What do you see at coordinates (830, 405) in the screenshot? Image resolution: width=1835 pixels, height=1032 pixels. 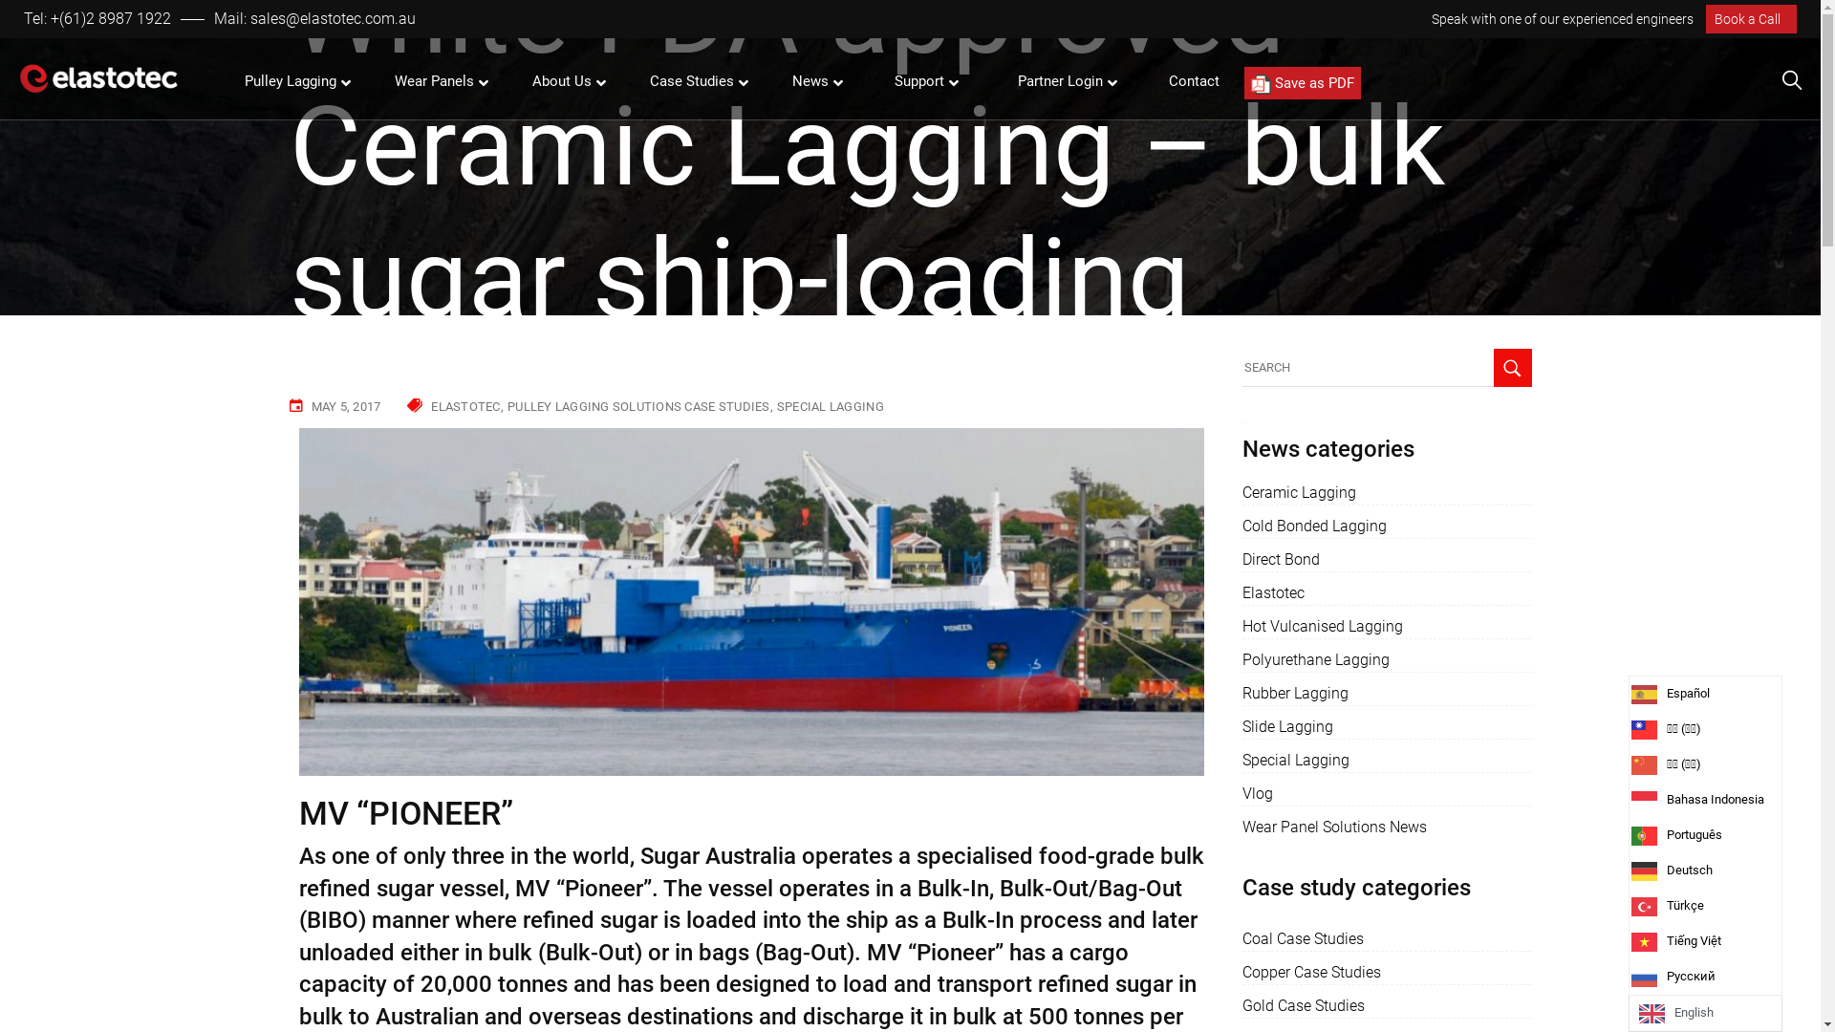 I see `'SPECIAL LAGGING'` at bounding box center [830, 405].